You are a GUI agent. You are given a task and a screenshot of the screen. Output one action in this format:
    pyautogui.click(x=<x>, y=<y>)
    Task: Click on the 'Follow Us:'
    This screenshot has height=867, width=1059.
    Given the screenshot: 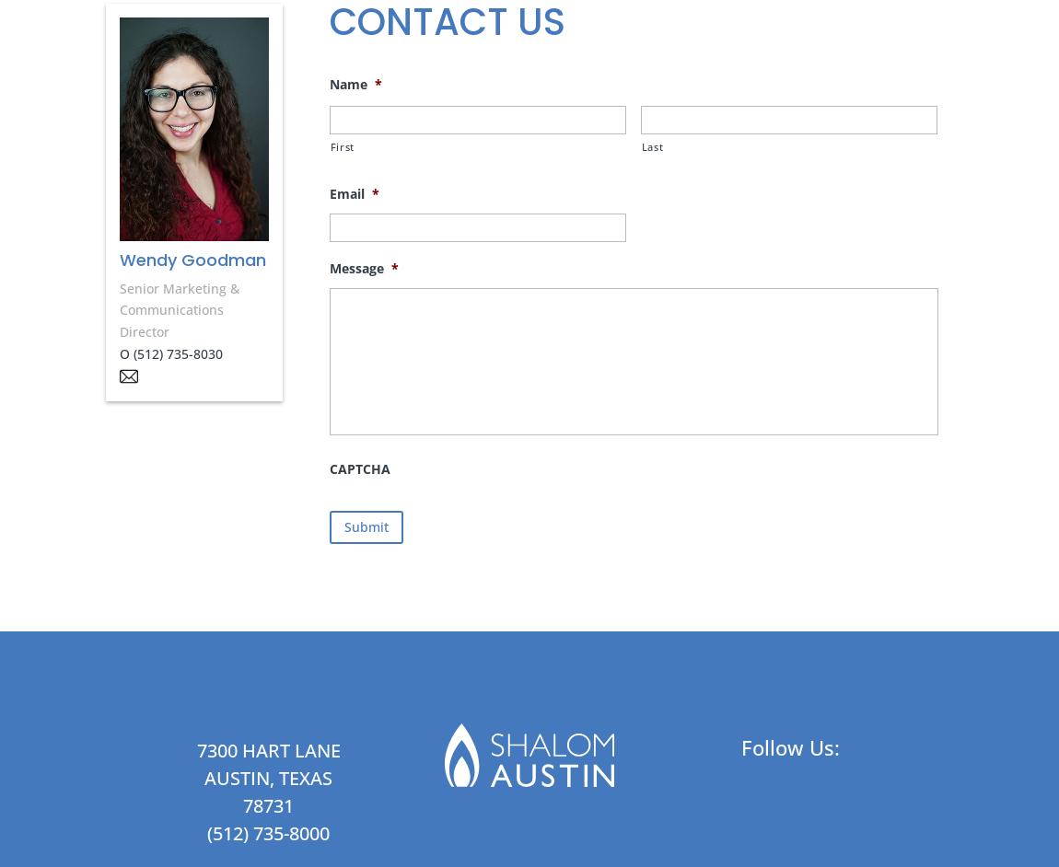 What is the action you would take?
    pyautogui.click(x=788, y=746)
    